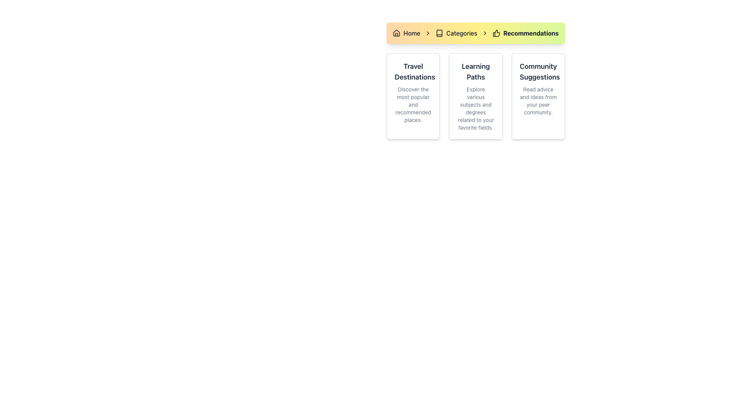  What do you see at coordinates (496, 33) in the screenshot?
I see `the thumbs-up icon located in the breadcrumb navigation bar labeled 'Recommendations', positioned to the left of the text` at bounding box center [496, 33].